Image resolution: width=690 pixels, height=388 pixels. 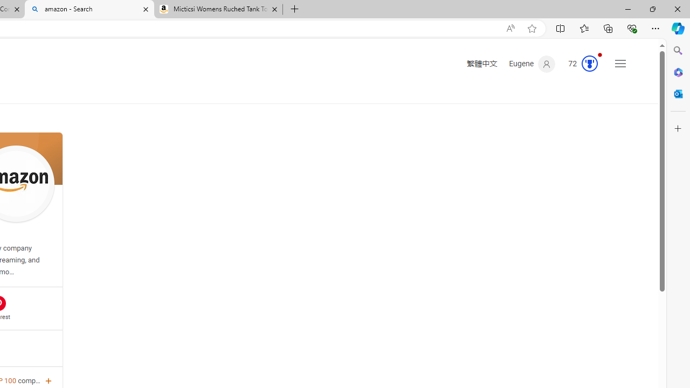 I want to click on 'Animation', so click(x=599, y=54).